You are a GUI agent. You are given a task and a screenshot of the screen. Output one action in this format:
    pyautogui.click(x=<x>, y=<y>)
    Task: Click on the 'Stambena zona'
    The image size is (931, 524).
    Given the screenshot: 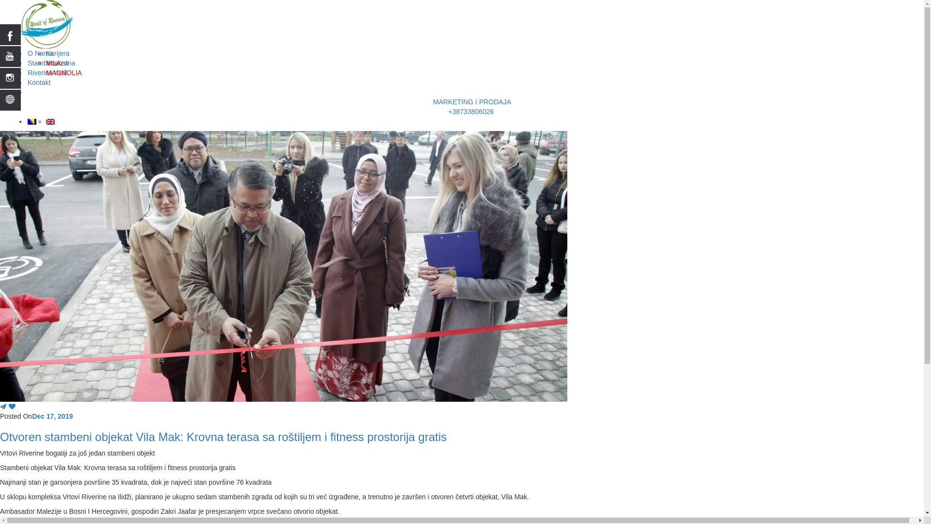 What is the action you would take?
    pyautogui.click(x=50, y=63)
    